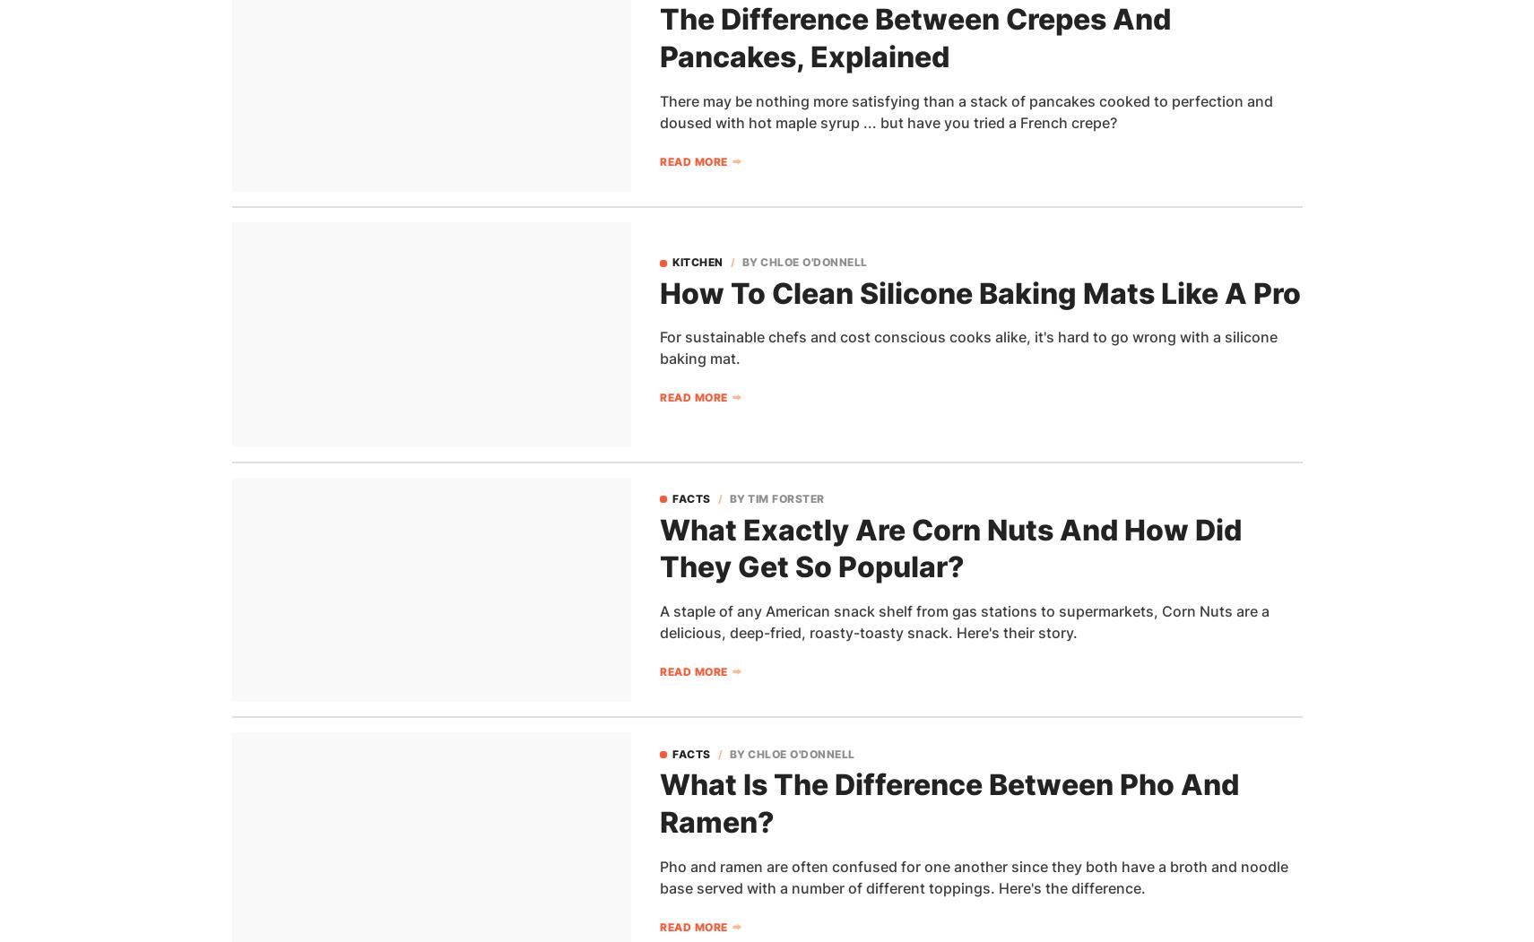 The image size is (1534, 942). What do you see at coordinates (965, 620) in the screenshot?
I see `'A staple of any American snack shelf from gas stations to supermarkets, Corn Nuts are a delicious, deep-fried, roasty-toasty snack. Here's their story.'` at bounding box center [965, 620].